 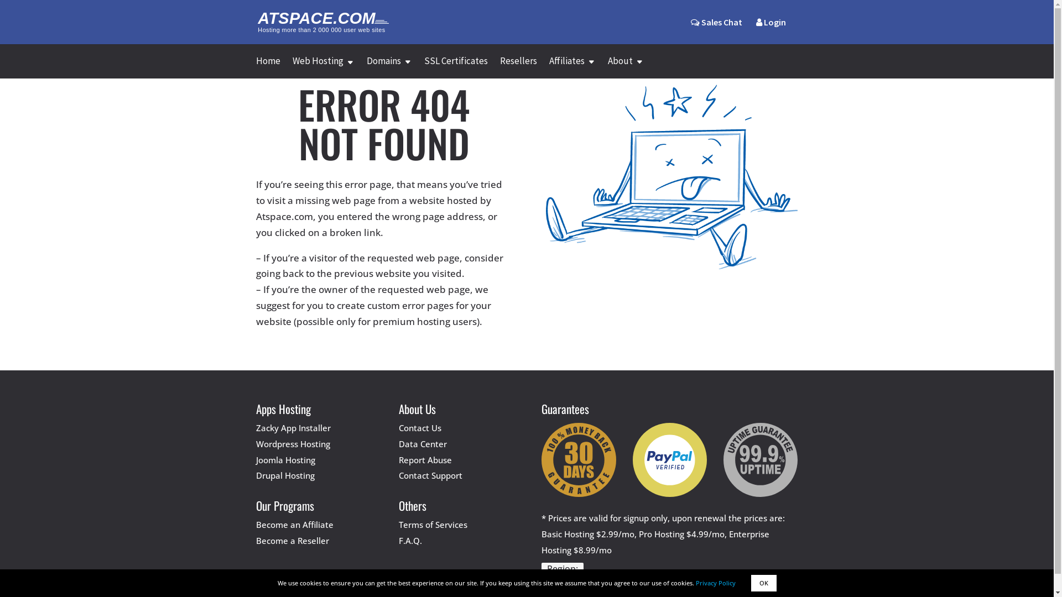 What do you see at coordinates (285, 460) in the screenshot?
I see `'Joomla Hosting'` at bounding box center [285, 460].